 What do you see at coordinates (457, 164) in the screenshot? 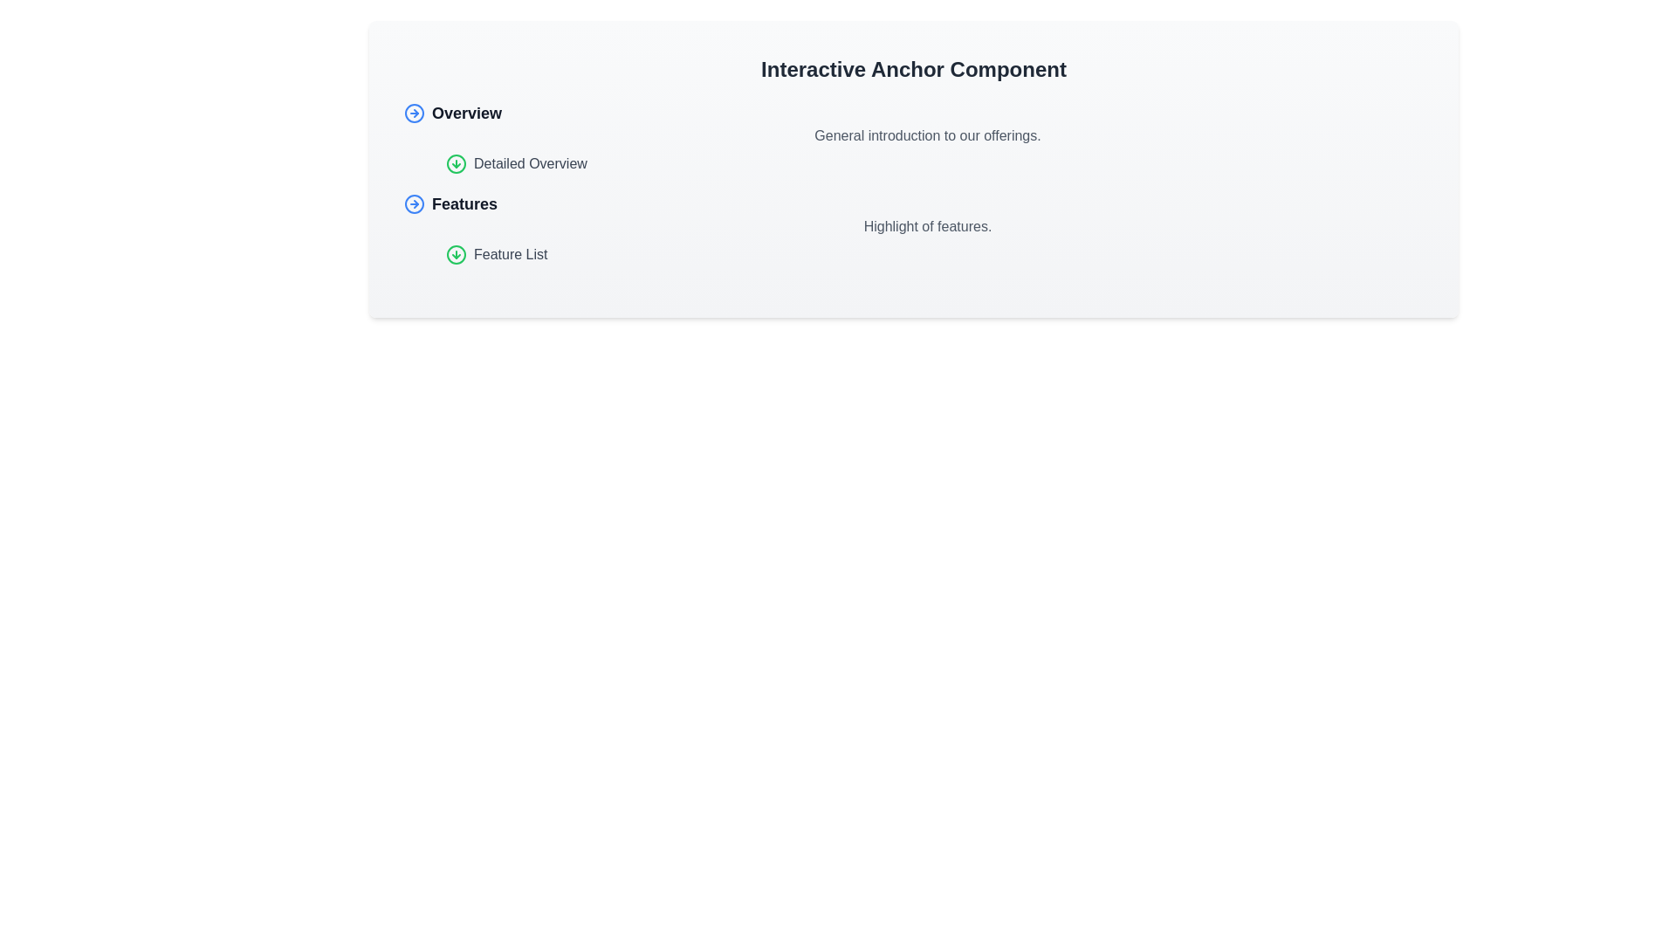
I see `the circular SVG element with a green outline that is centered within the downward arrow icon adjacent to the 'Detailed Overview' text` at bounding box center [457, 164].